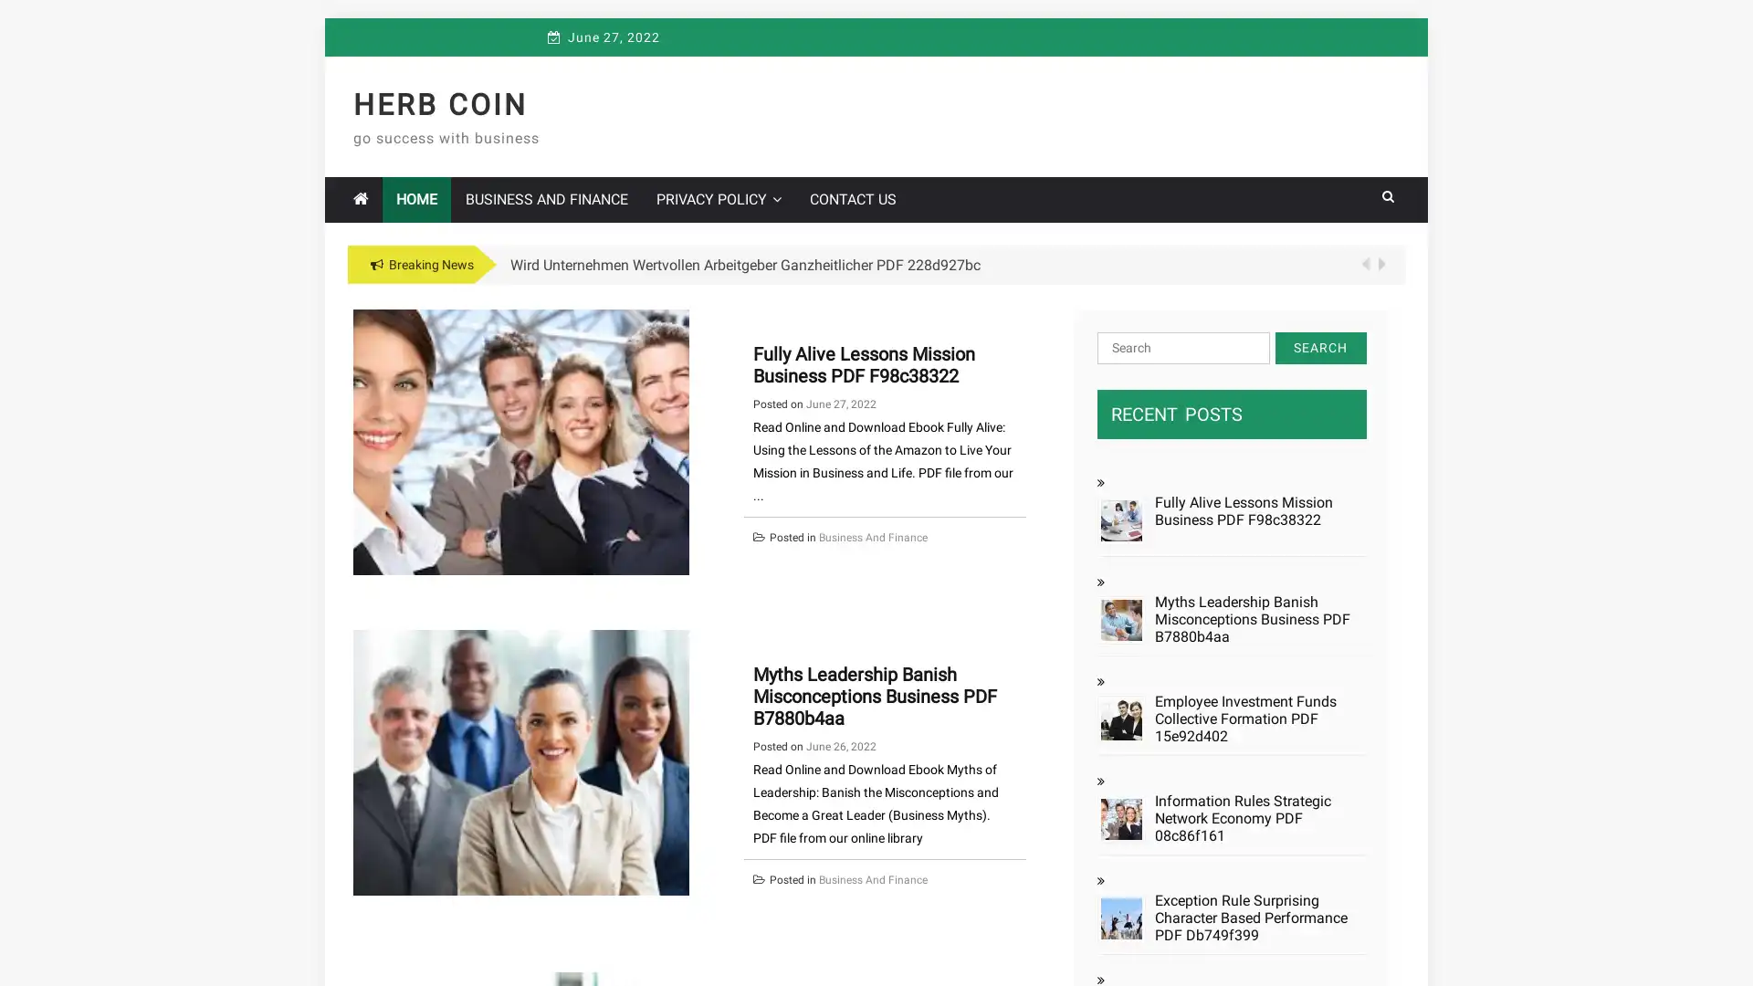 This screenshot has width=1753, height=986. Describe the element at coordinates (1319, 347) in the screenshot. I see `Search` at that location.